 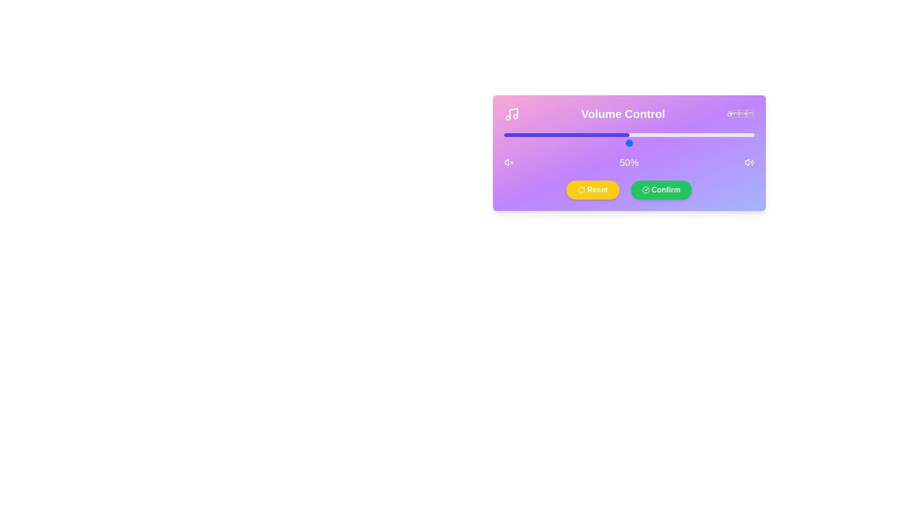 I want to click on the slider value, so click(x=562, y=135).